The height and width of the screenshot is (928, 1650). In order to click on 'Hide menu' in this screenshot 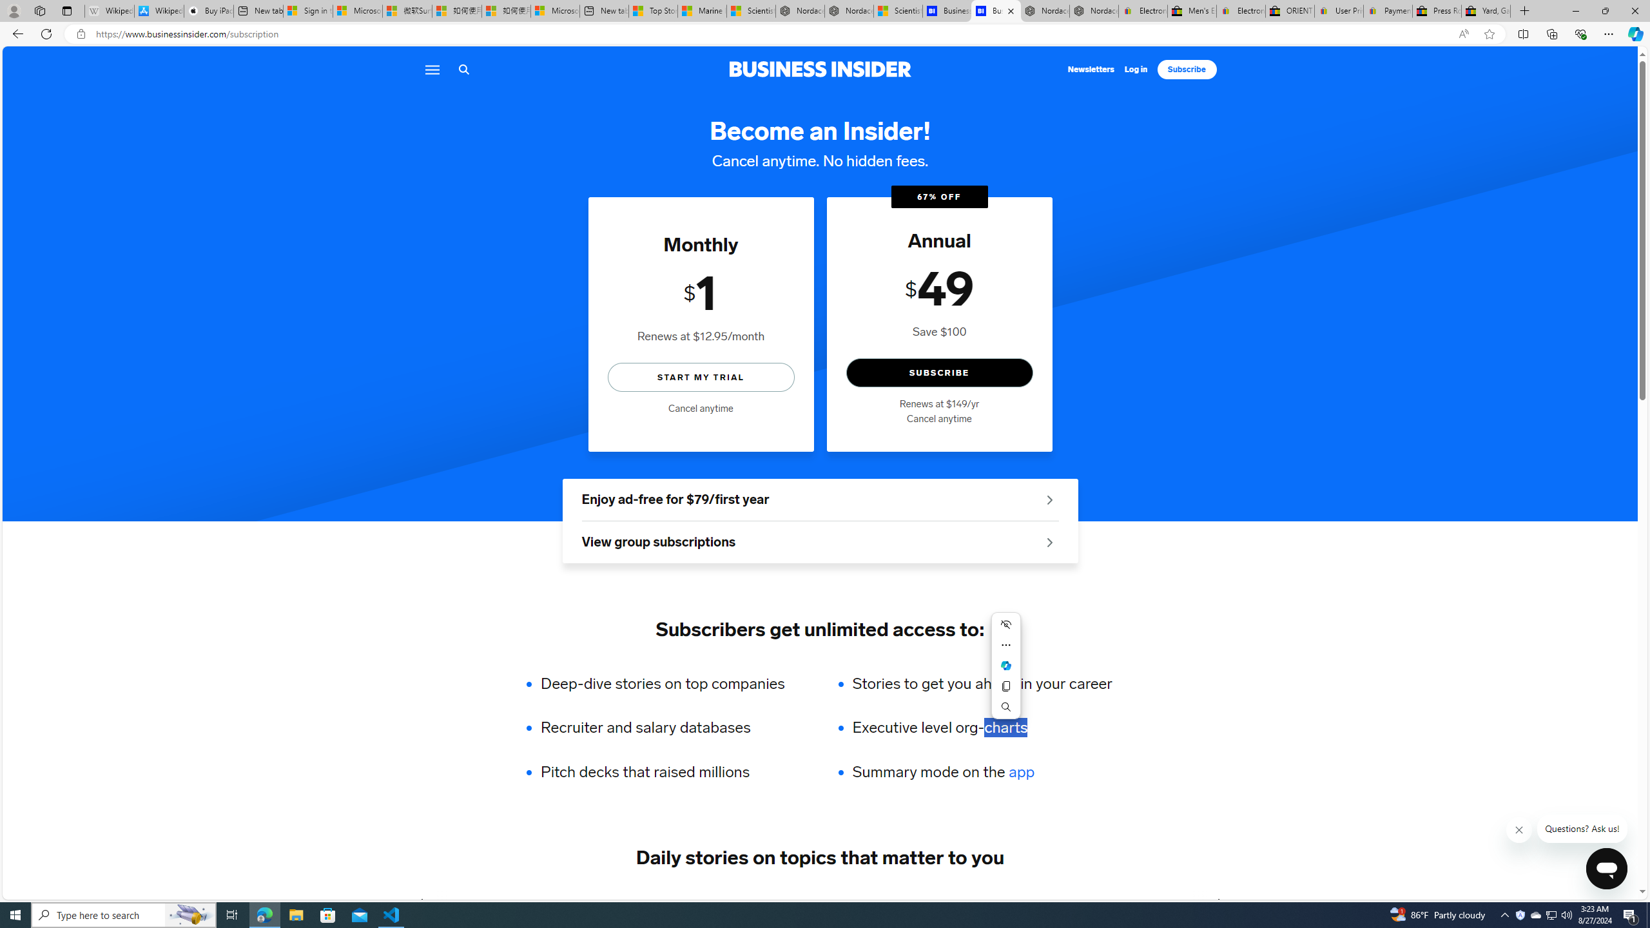, I will do `click(1005, 624)`.